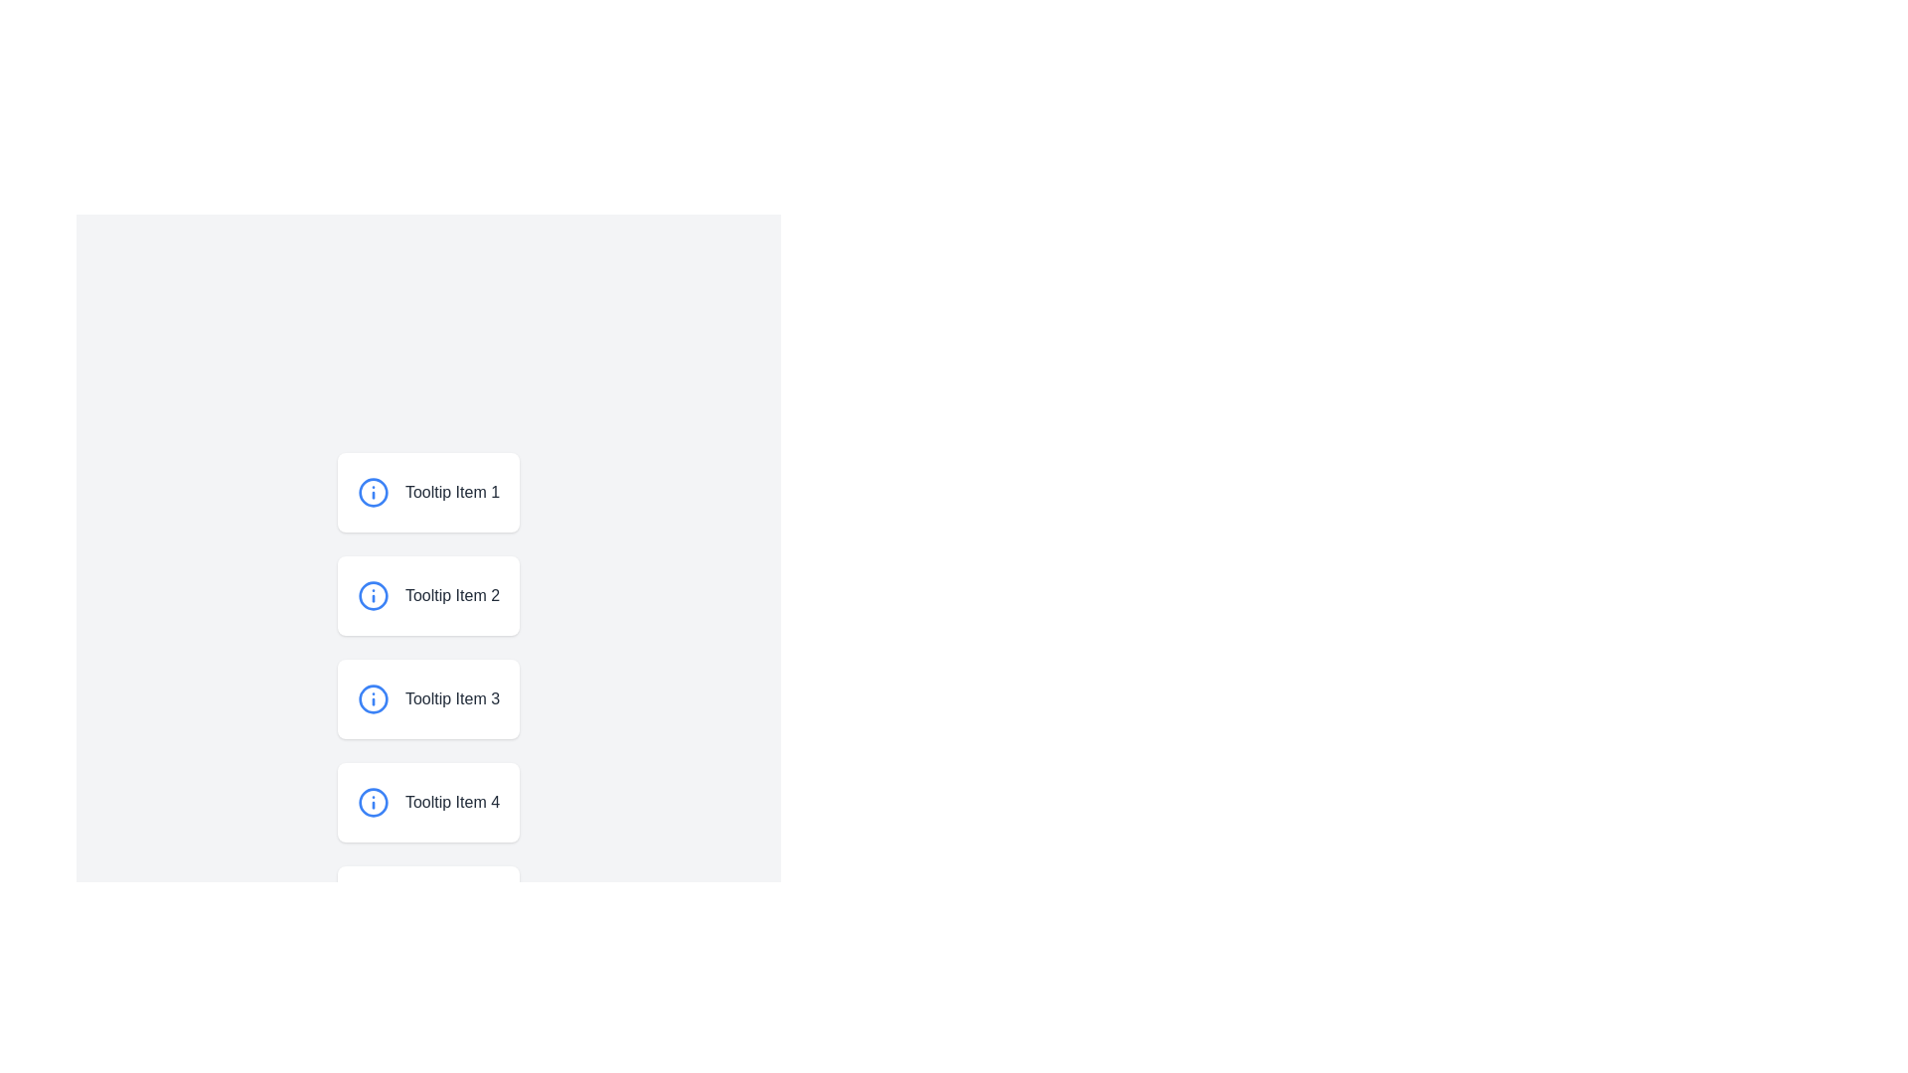 The image size is (1908, 1073). I want to click on the info icon located at the top-left corner of the 'Tooltip Item 1' card, so click(373, 492).